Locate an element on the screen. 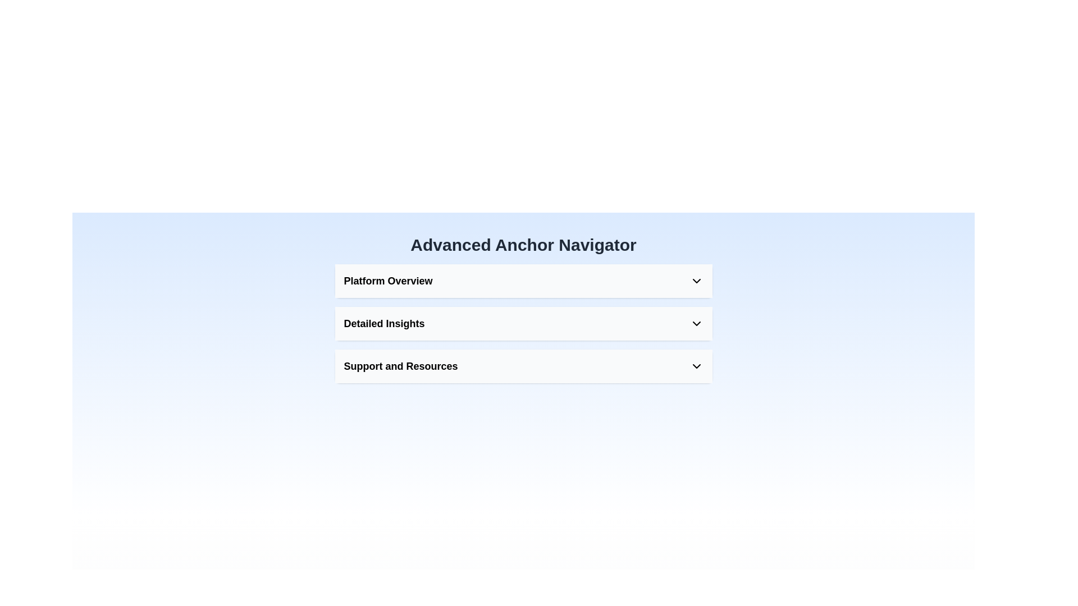  the Collapsible Panel labeled 'Detailed Insights' to trigger a tooltip or highlight effect is located at coordinates (523, 324).